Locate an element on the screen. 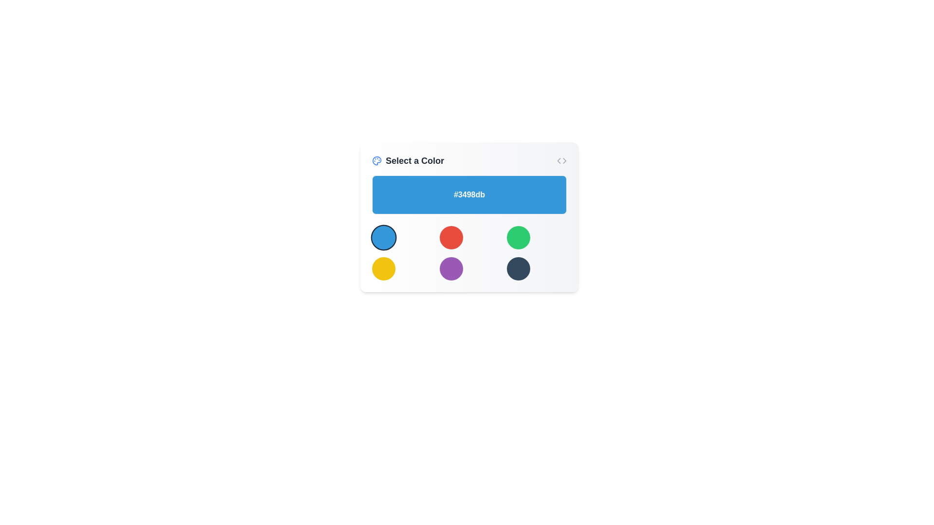  the color selection button located in the last row and third column of a 3x2 grid layout is located at coordinates (518, 268).